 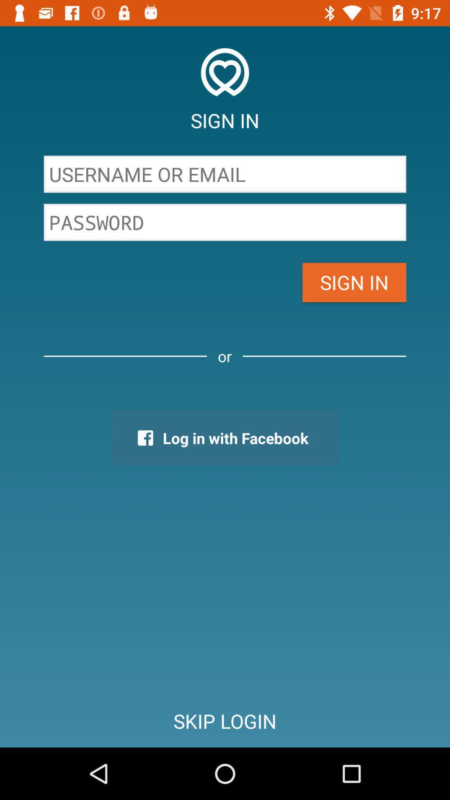 What do you see at coordinates (225, 222) in the screenshot?
I see `icon above the sign in item` at bounding box center [225, 222].